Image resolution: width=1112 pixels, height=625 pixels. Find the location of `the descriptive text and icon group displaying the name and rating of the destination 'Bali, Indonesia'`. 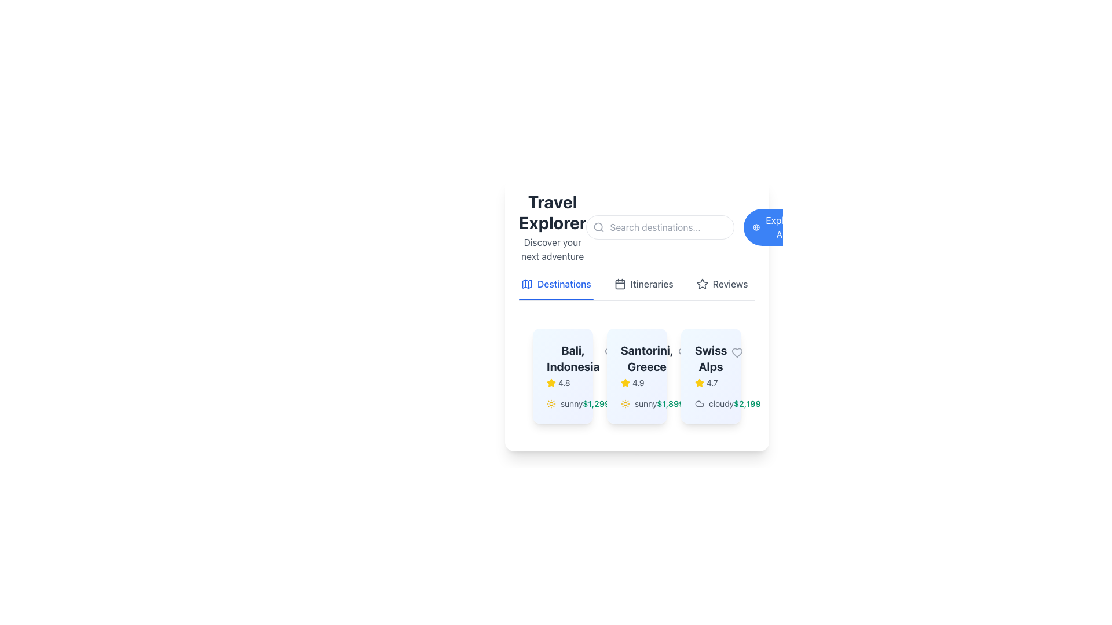

the descriptive text and icon group displaying the name and rating of the destination 'Bali, Indonesia' is located at coordinates (562, 366).